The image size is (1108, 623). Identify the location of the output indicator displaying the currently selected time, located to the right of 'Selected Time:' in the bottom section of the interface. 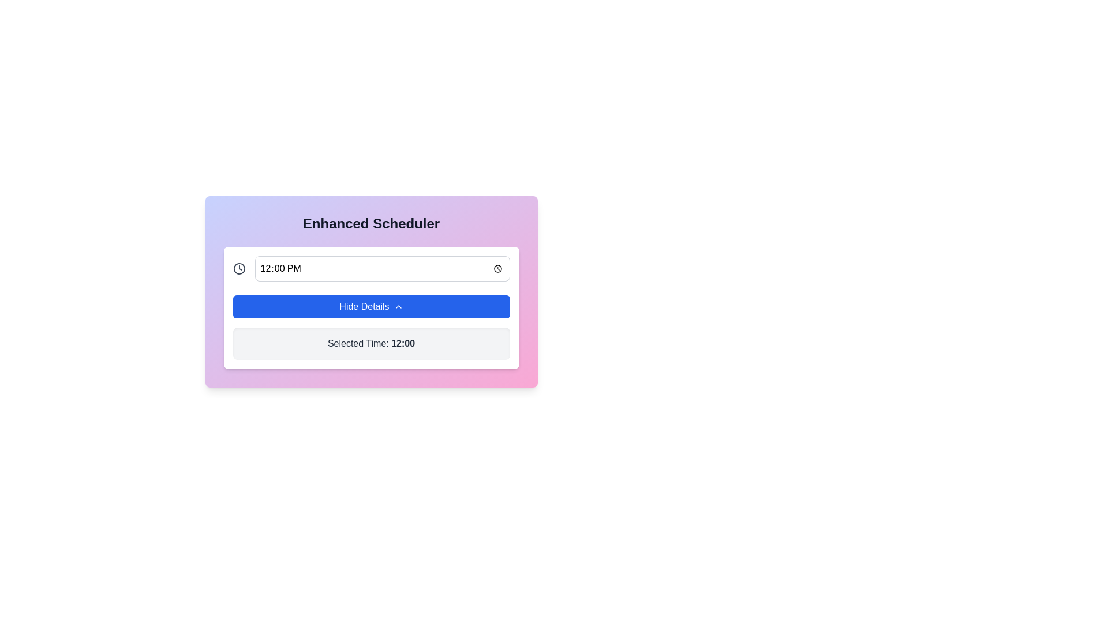
(403, 343).